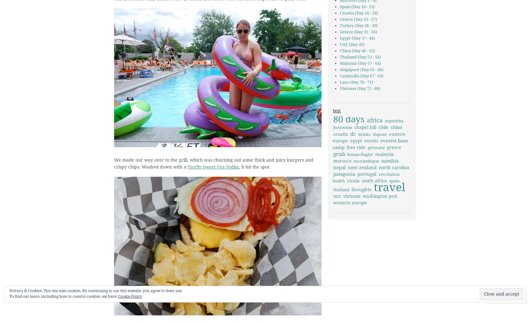  Describe the element at coordinates (360, 63) in the screenshot. I see `'Malaysia (Day 57 - 64)'` at that location.